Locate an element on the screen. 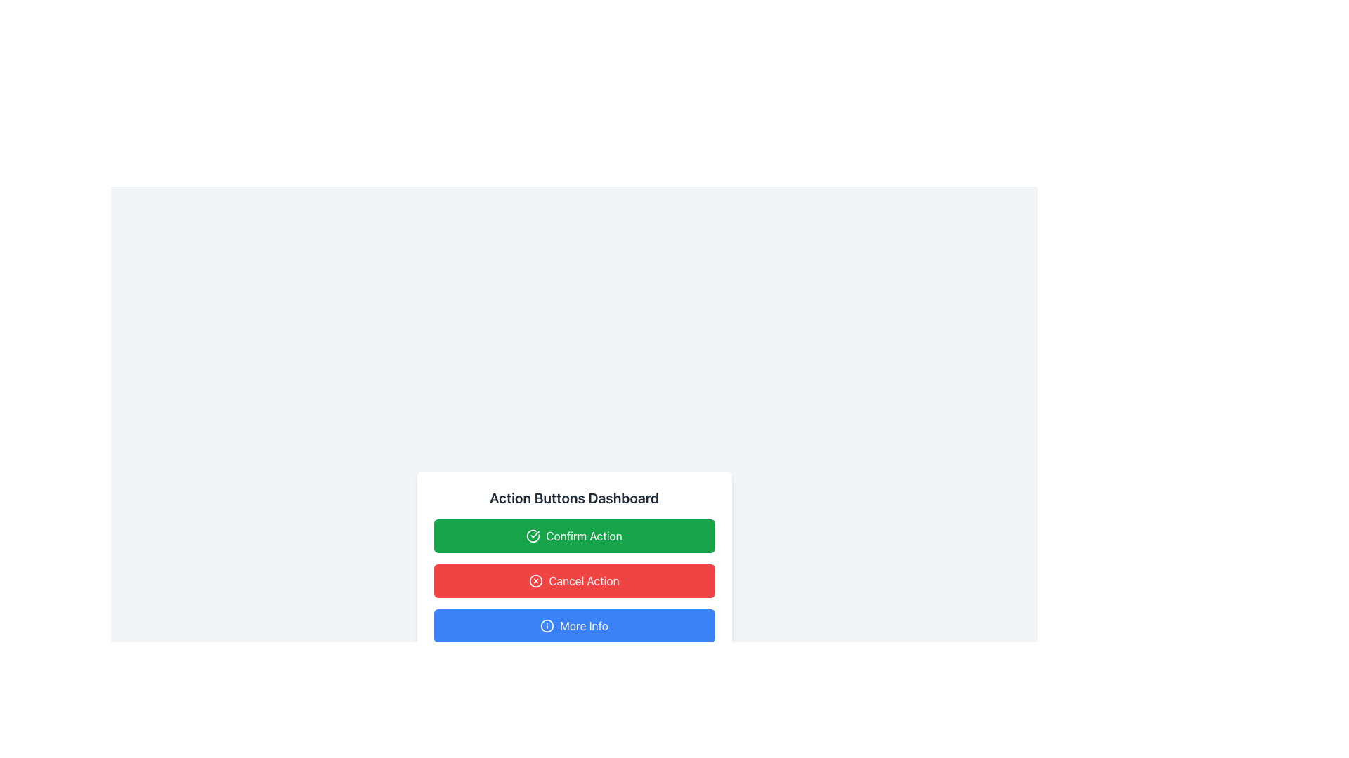 The height and width of the screenshot is (758, 1349). the circular red outlined icon with a crossed line pattern located within the 'Cancel Action' button is located at coordinates (535, 581).